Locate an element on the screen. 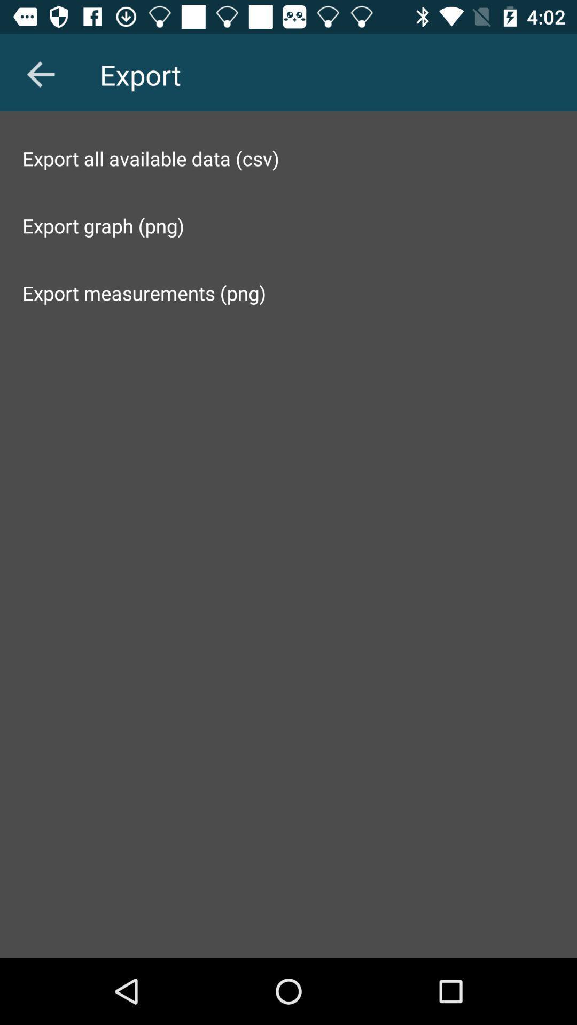 The image size is (577, 1025). item above export all available is located at coordinates (40, 74).